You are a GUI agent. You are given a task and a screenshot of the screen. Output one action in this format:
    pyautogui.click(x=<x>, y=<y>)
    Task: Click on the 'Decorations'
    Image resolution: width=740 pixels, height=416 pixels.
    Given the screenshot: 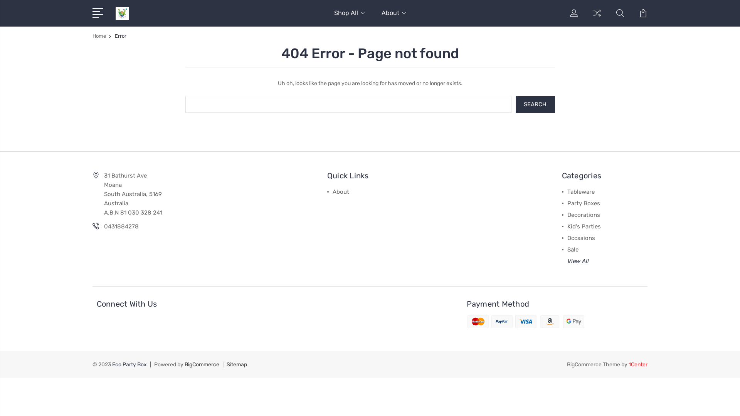 What is the action you would take?
    pyautogui.click(x=584, y=214)
    